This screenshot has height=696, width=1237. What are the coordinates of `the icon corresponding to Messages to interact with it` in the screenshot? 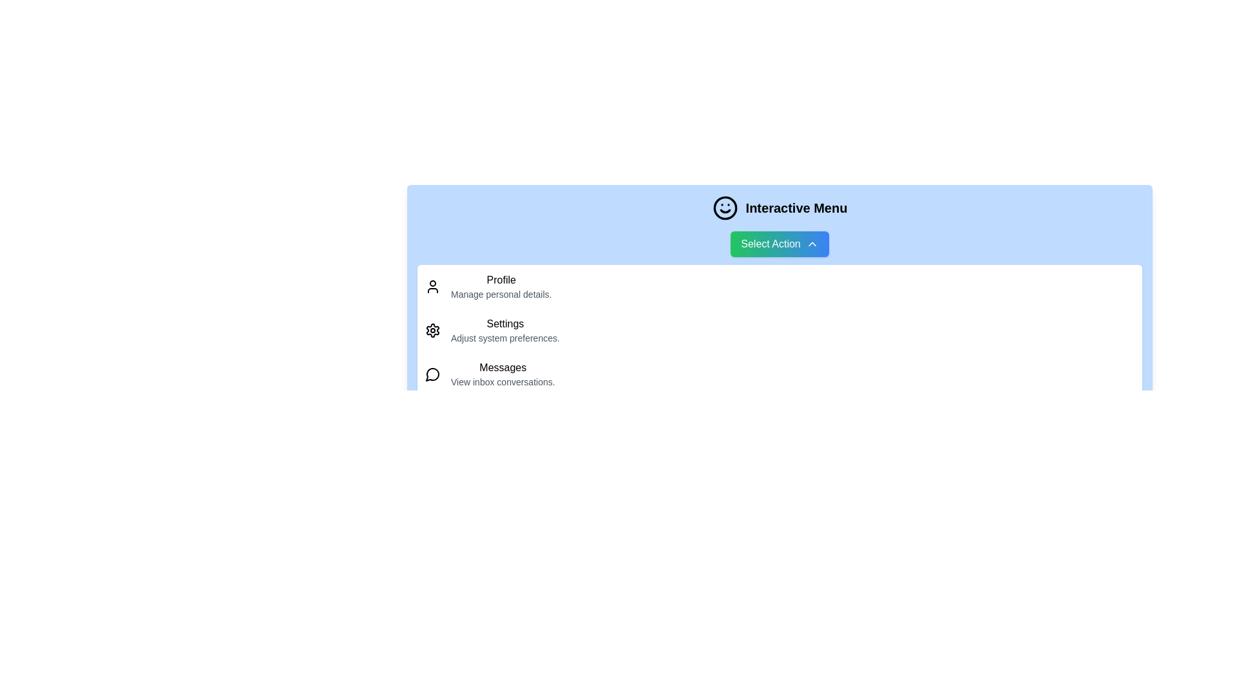 It's located at (433, 374).